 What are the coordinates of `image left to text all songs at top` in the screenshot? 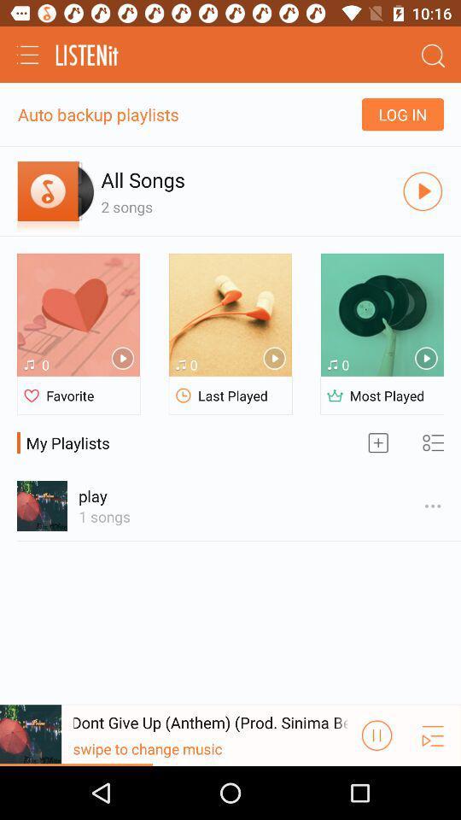 It's located at (55, 191).